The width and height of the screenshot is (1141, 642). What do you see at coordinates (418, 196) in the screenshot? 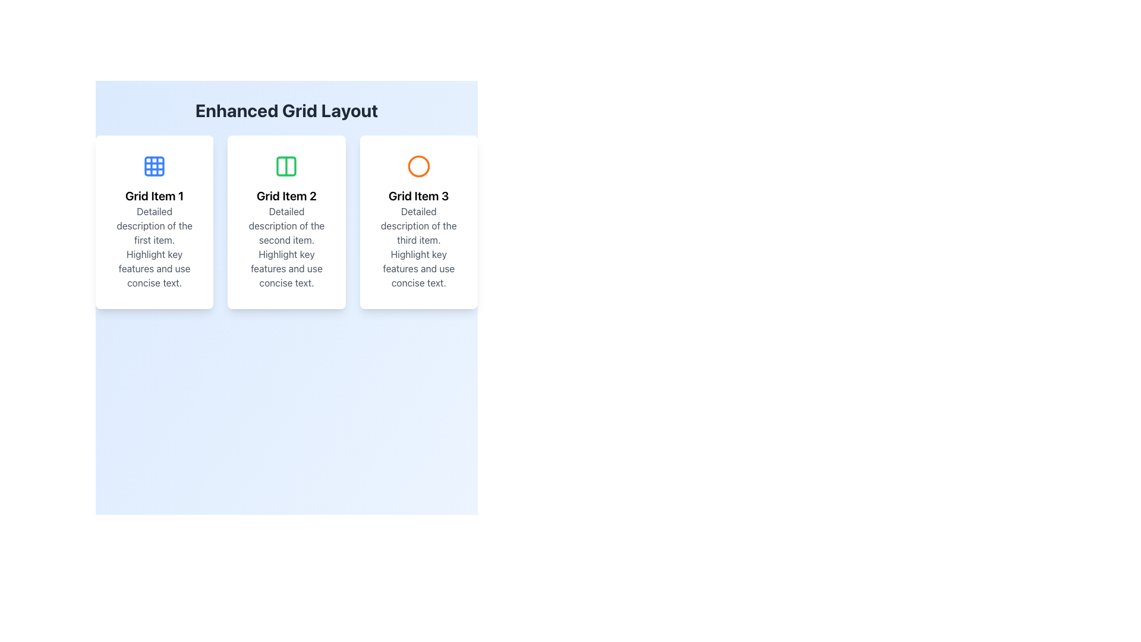
I see `the text label styled with bold and large font size reading 'Grid Item 3', which serves as the title for the third column in the grid layout` at bounding box center [418, 196].